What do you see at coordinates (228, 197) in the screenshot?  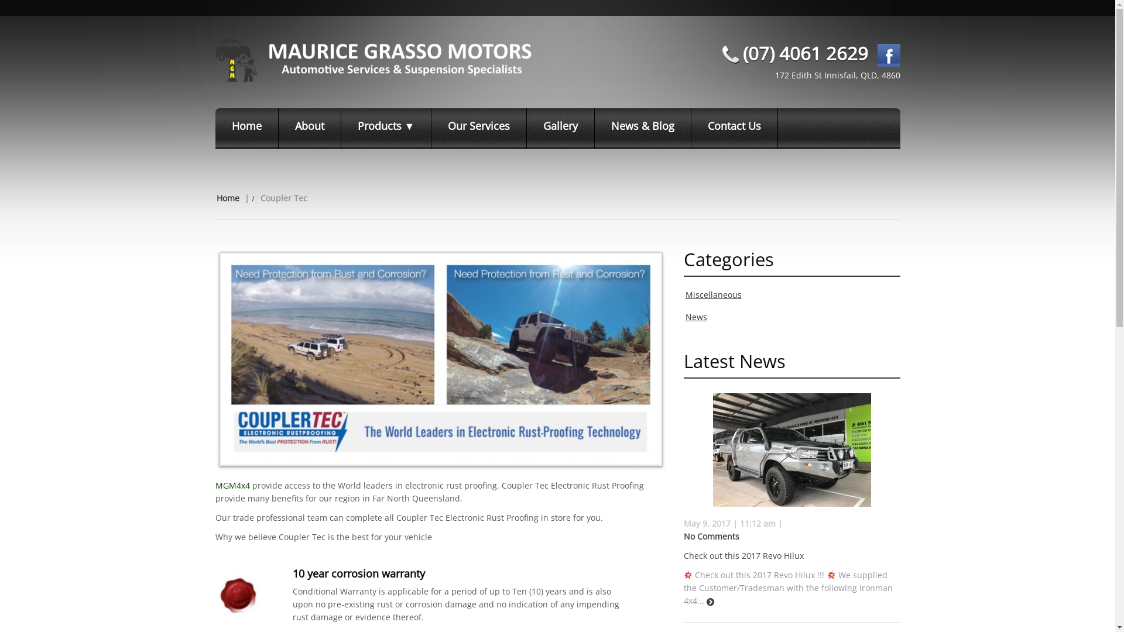 I see `'Home'` at bounding box center [228, 197].